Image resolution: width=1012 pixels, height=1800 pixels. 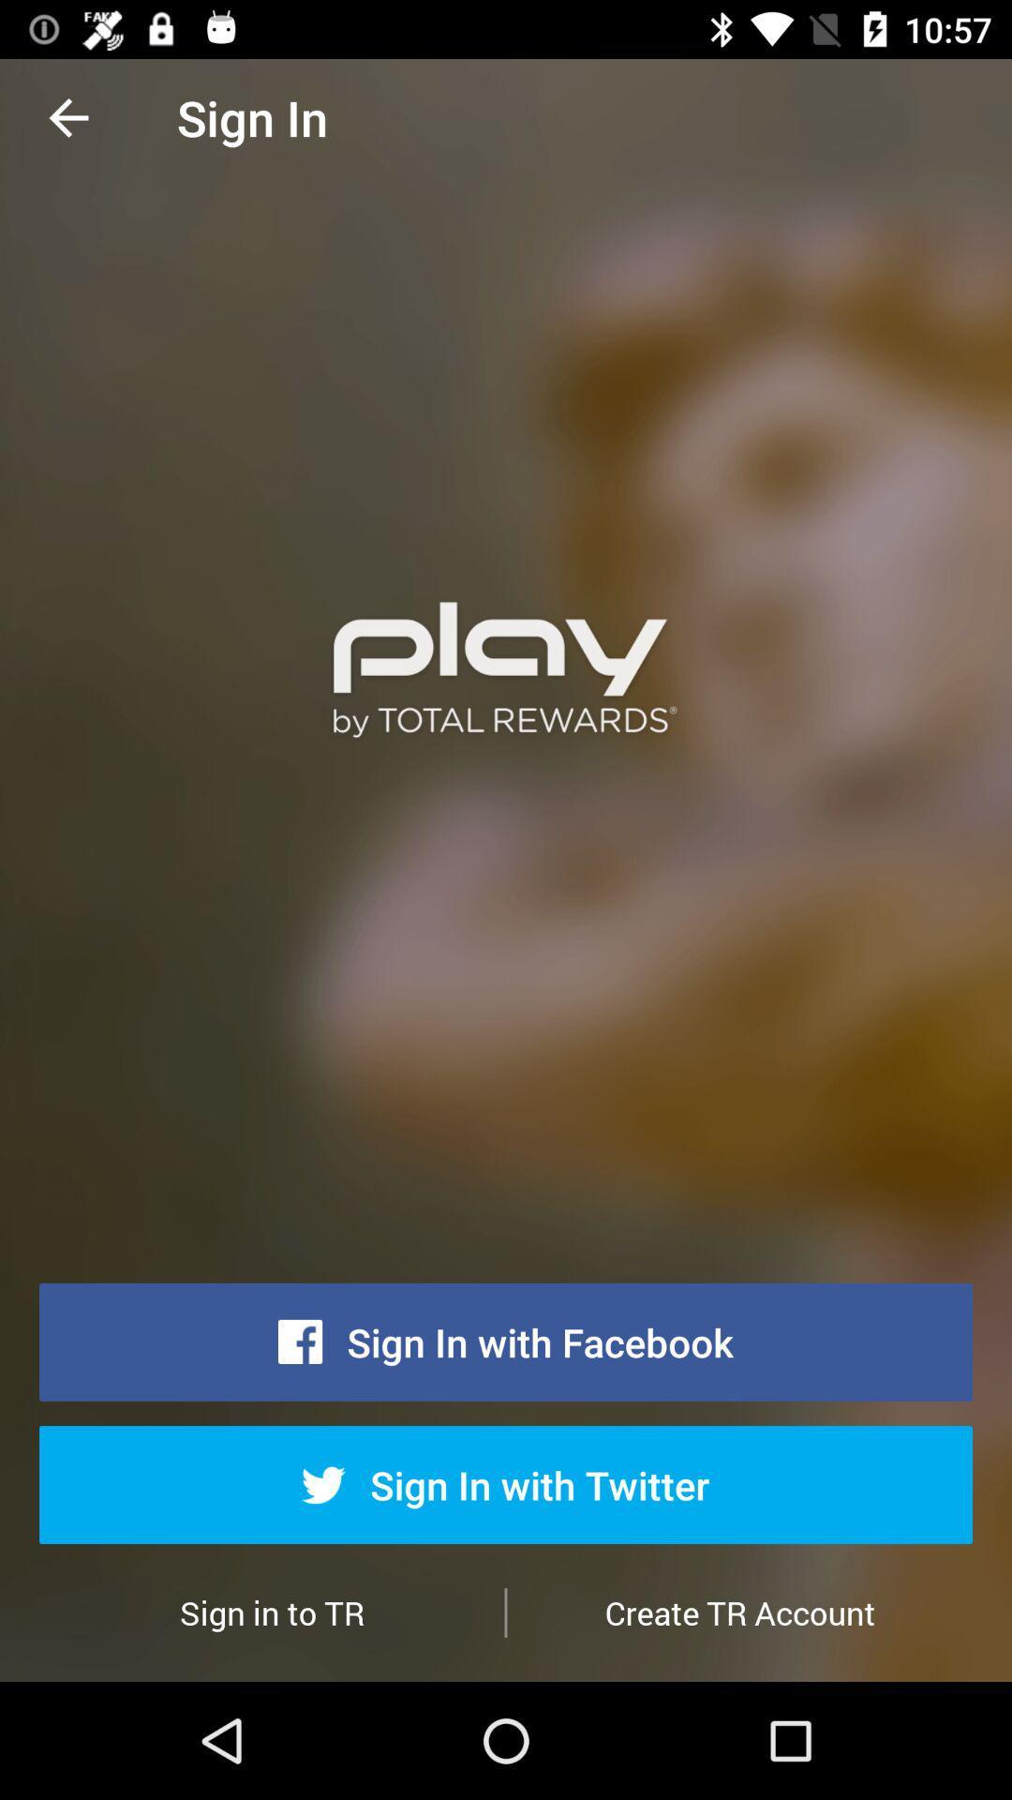 What do you see at coordinates (738, 1612) in the screenshot?
I see `the item at the bottom right corner` at bounding box center [738, 1612].